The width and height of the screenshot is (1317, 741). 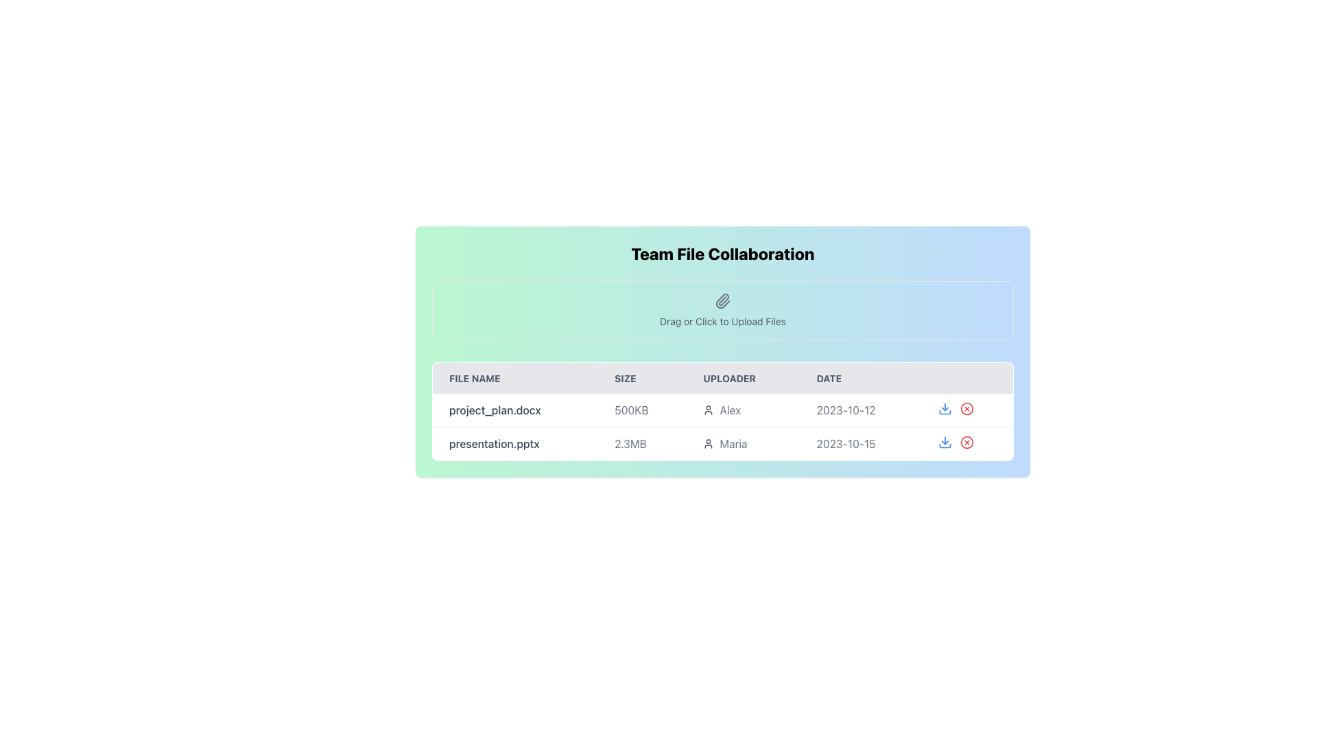 I want to click on the user icon representing 'Alex' who uploaded the file 'project_plan.docx', located in the 'Uploader' column adjacent to the text 'Alex', so click(x=709, y=409).